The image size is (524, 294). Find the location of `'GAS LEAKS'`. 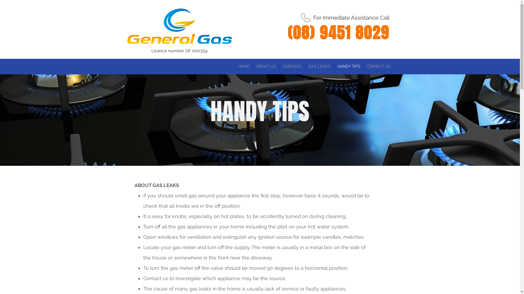

'GAS LEAKS' is located at coordinates (319, 66).